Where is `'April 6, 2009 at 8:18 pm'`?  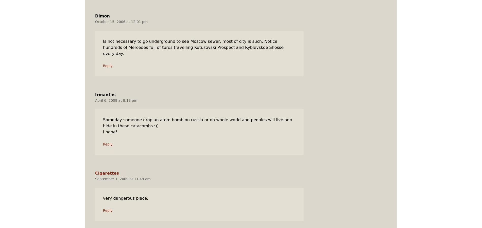 'April 6, 2009 at 8:18 pm' is located at coordinates (116, 100).